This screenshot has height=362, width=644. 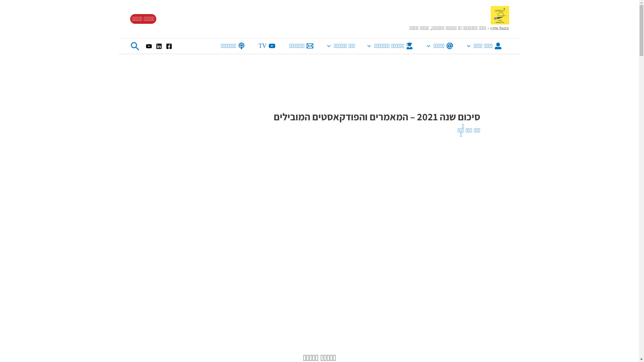 I want to click on 'TV', so click(x=267, y=45).